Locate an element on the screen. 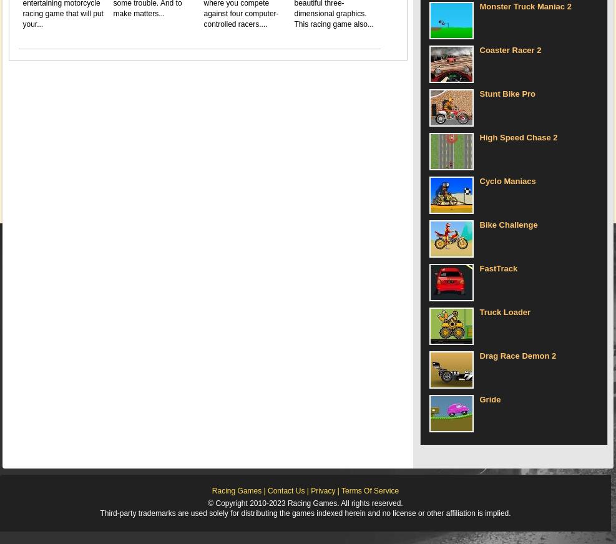 The width and height of the screenshot is (616, 544). 'Monster Truck Maniac 2' is located at coordinates (525, 5).